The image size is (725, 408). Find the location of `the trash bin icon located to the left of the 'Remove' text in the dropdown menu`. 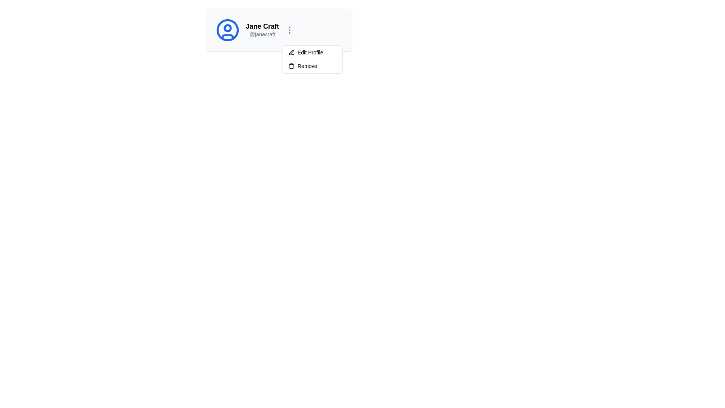

the trash bin icon located to the left of the 'Remove' text in the dropdown menu is located at coordinates (291, 65).